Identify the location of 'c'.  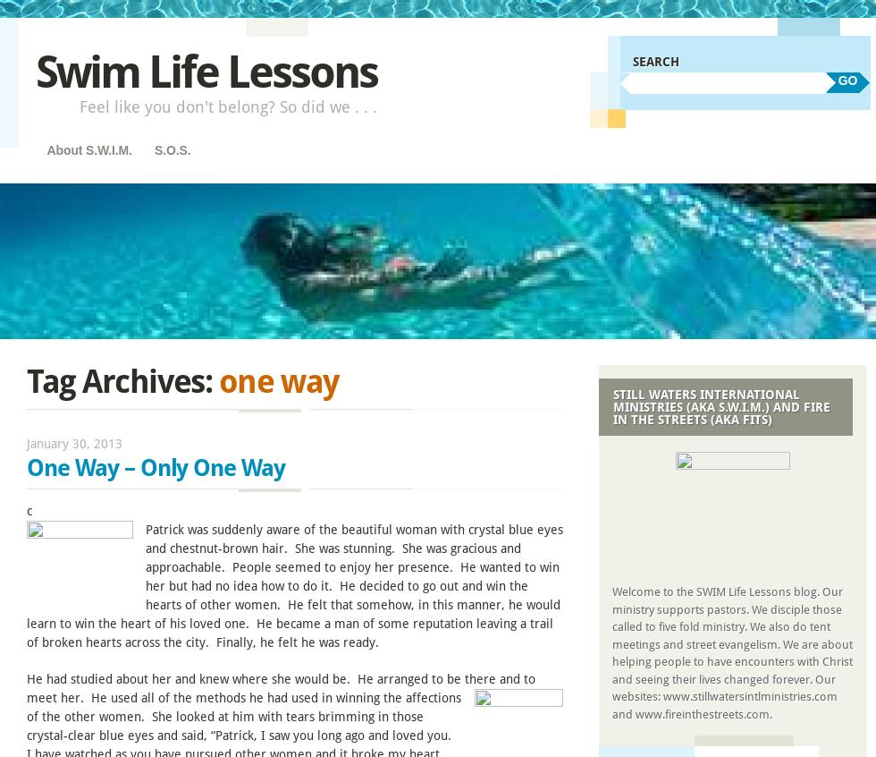
(29, 509).